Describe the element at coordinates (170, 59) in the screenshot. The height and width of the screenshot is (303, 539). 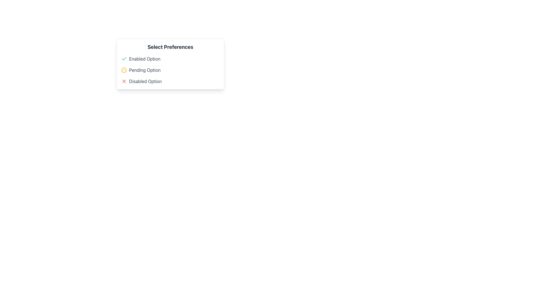
I see `the first item in the 'Select Preferences' group, which indicates the enabled status of the corresponding option` at that location.